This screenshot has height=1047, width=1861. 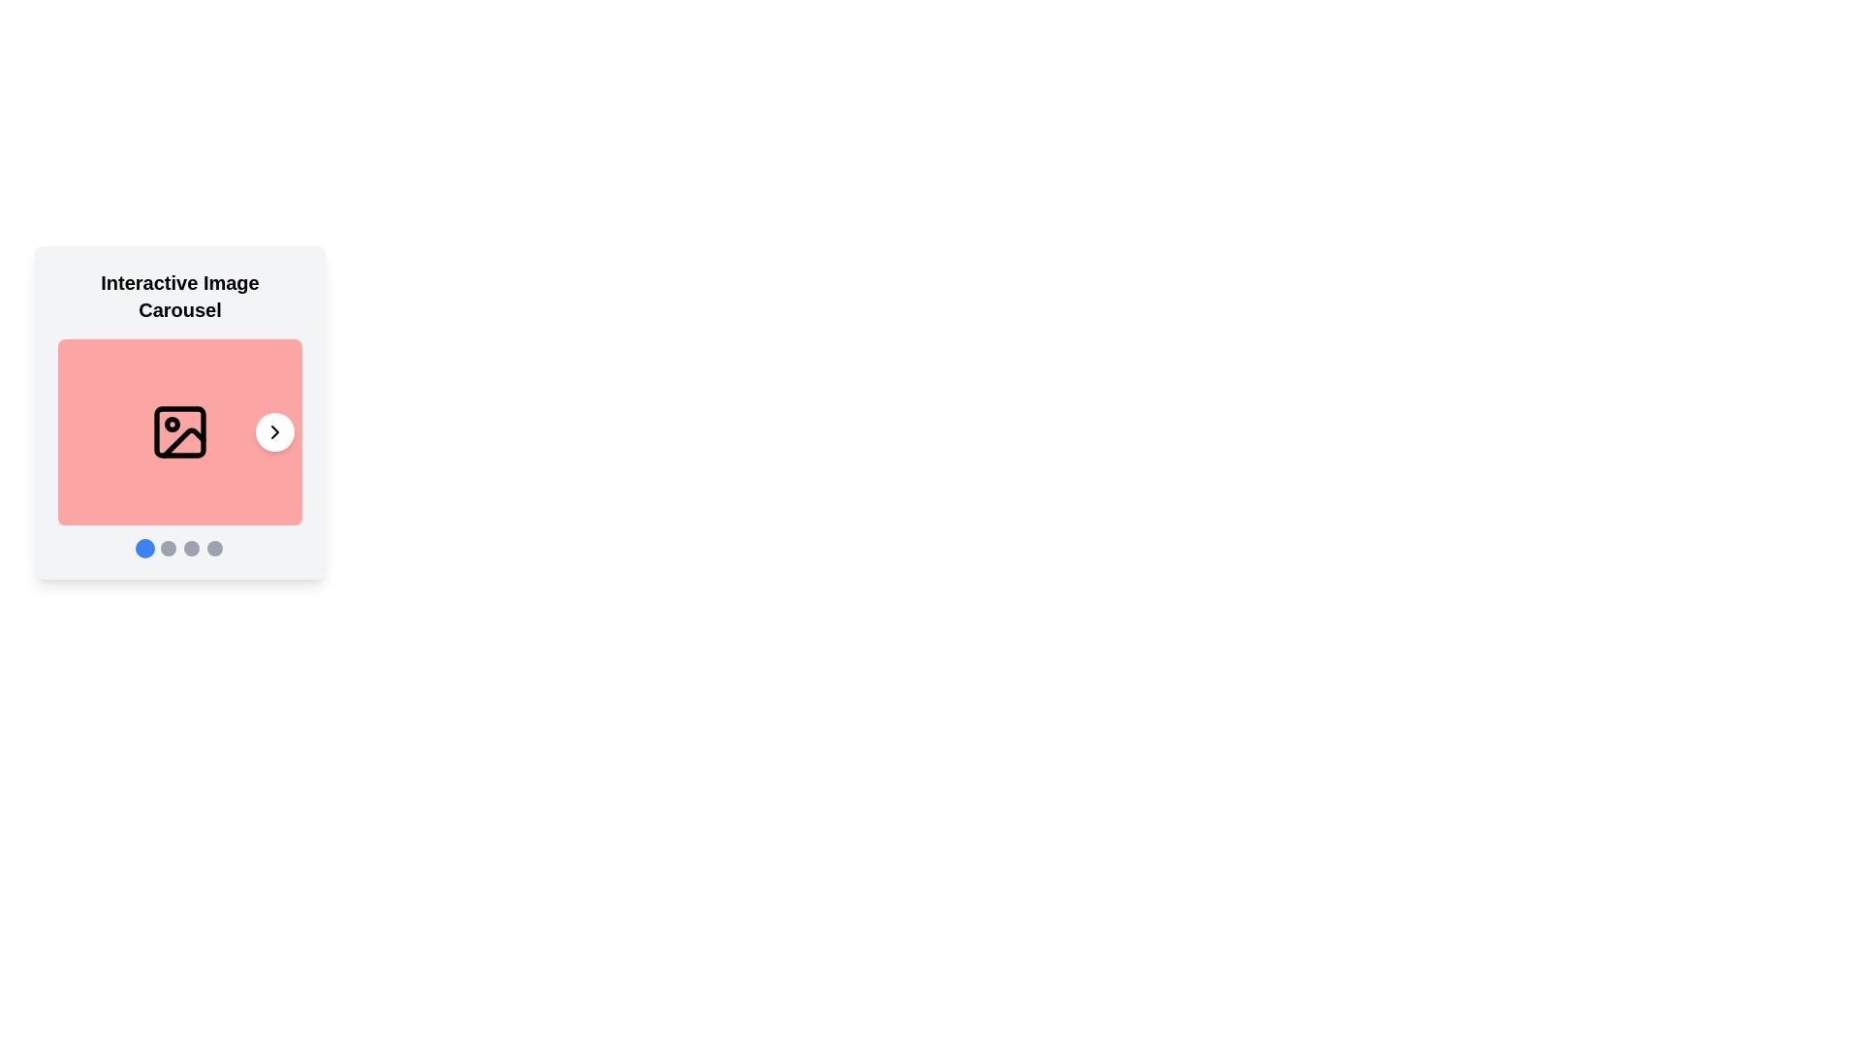 I want to click on the second circular indicator in the interactive image carousel, so click(x=180, y=549).